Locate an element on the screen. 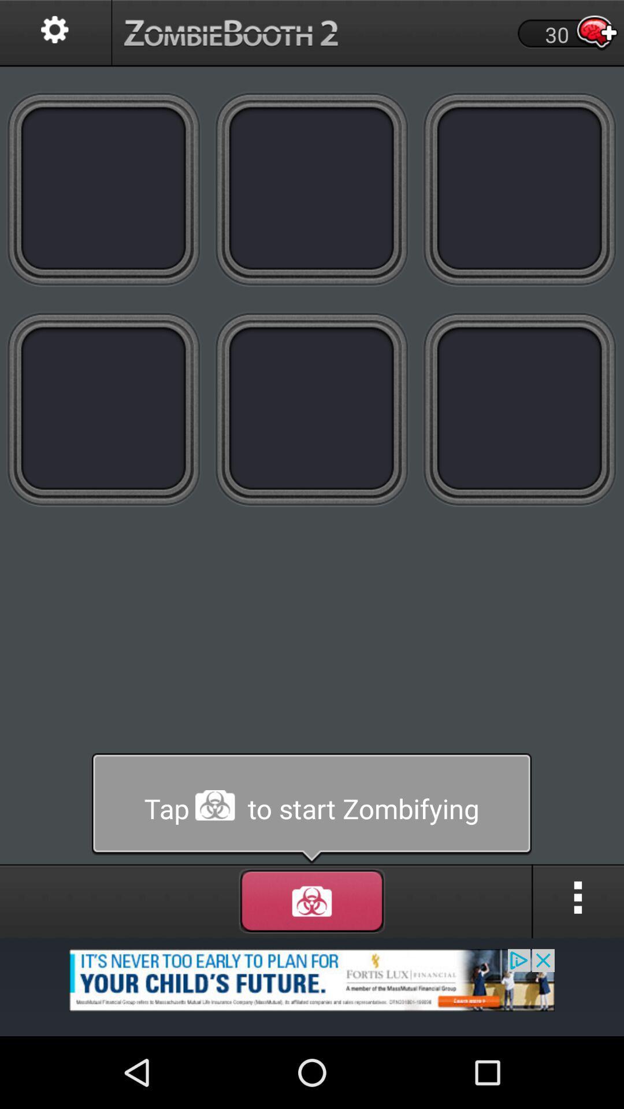  the settings icon is located at coordinates (55, 35).